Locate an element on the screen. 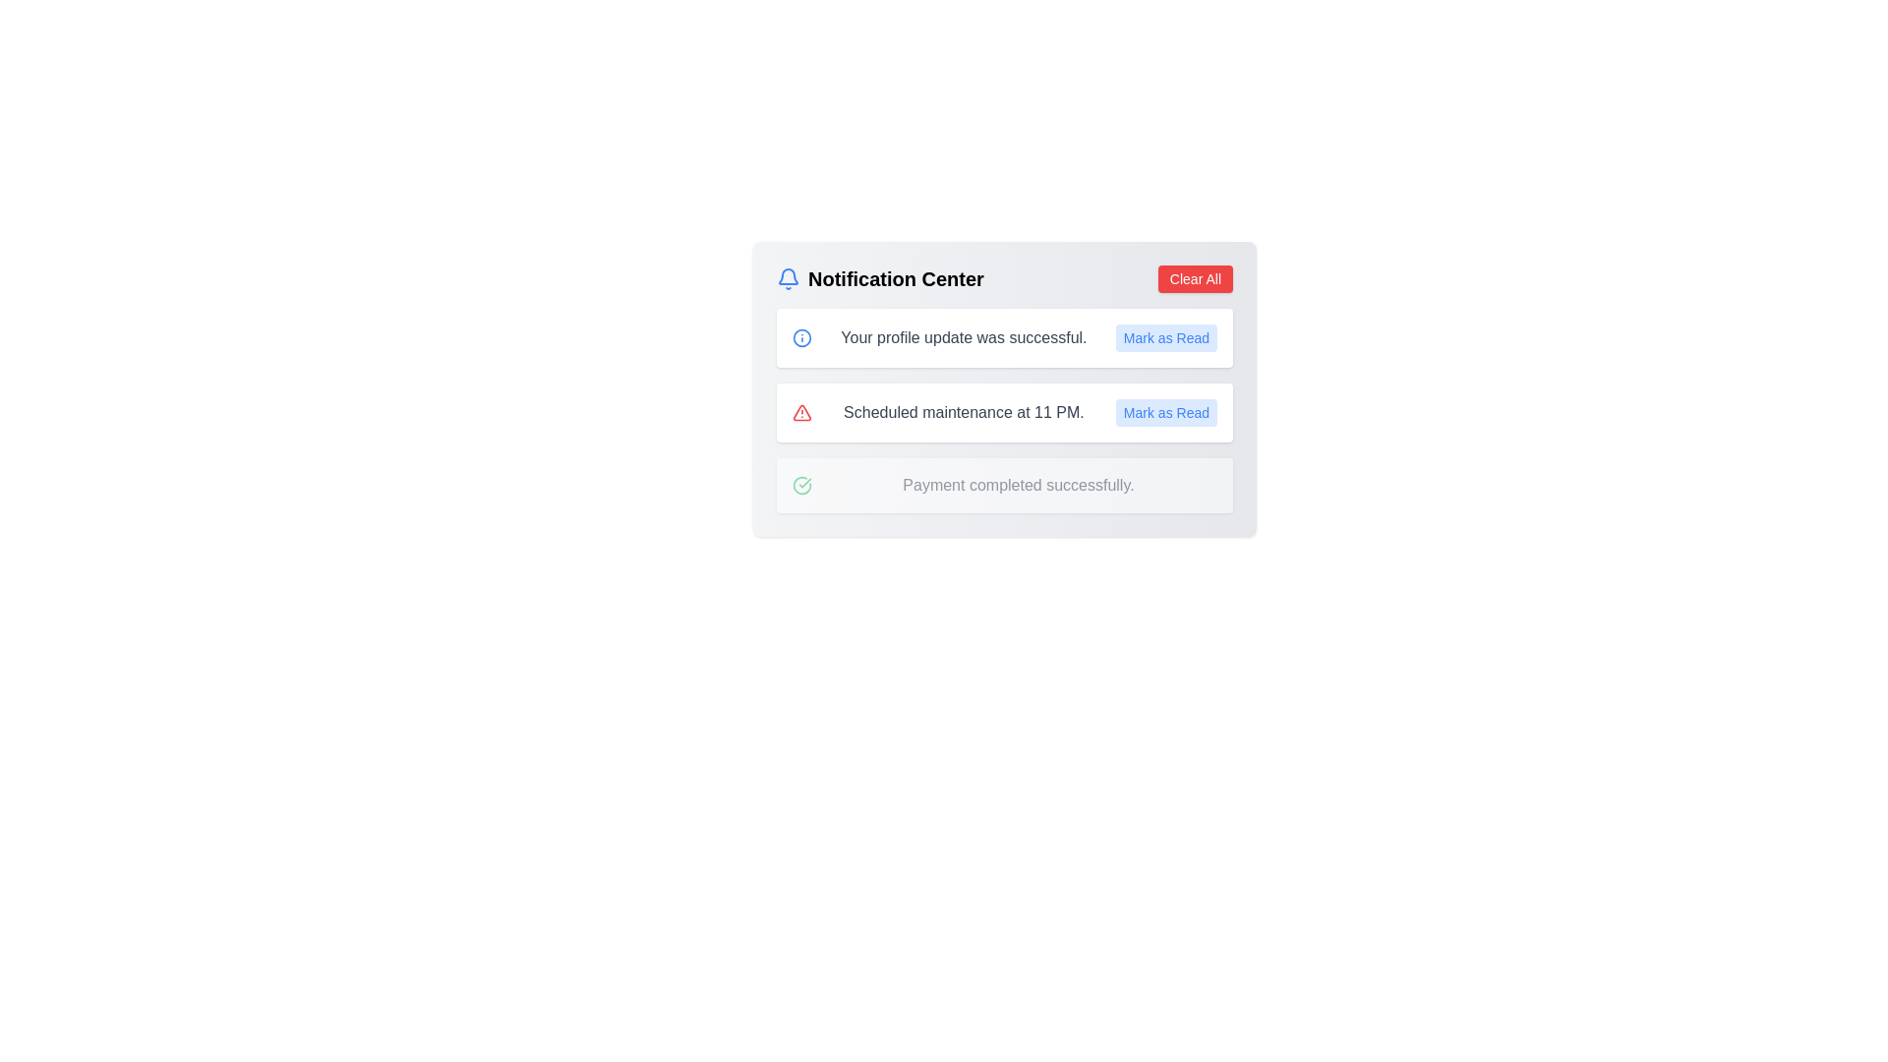  the green circle icon with a check mark that signifies a successful action, located to the left of the text 'Payment completed successfully' in the Notification Center is located at coordinates (802, 485).